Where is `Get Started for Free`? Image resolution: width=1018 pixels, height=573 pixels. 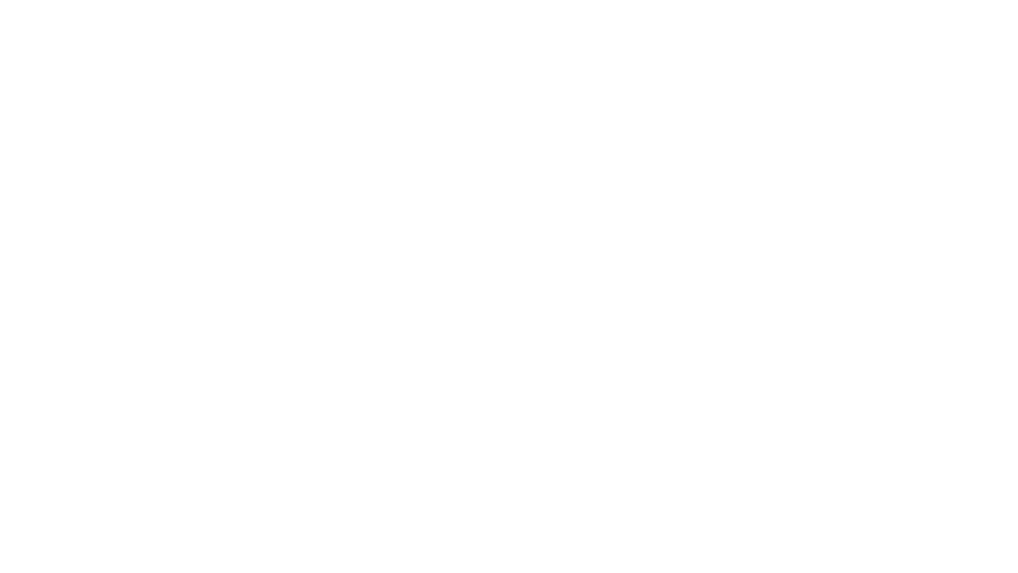
Get Started for Free is located at coordinates (231, 388).